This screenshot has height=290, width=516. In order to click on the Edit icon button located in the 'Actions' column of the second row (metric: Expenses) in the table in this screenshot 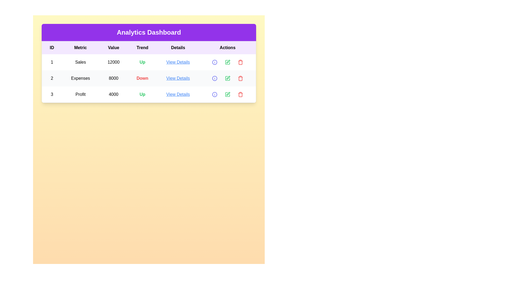, I will do `click(227, 78)`.